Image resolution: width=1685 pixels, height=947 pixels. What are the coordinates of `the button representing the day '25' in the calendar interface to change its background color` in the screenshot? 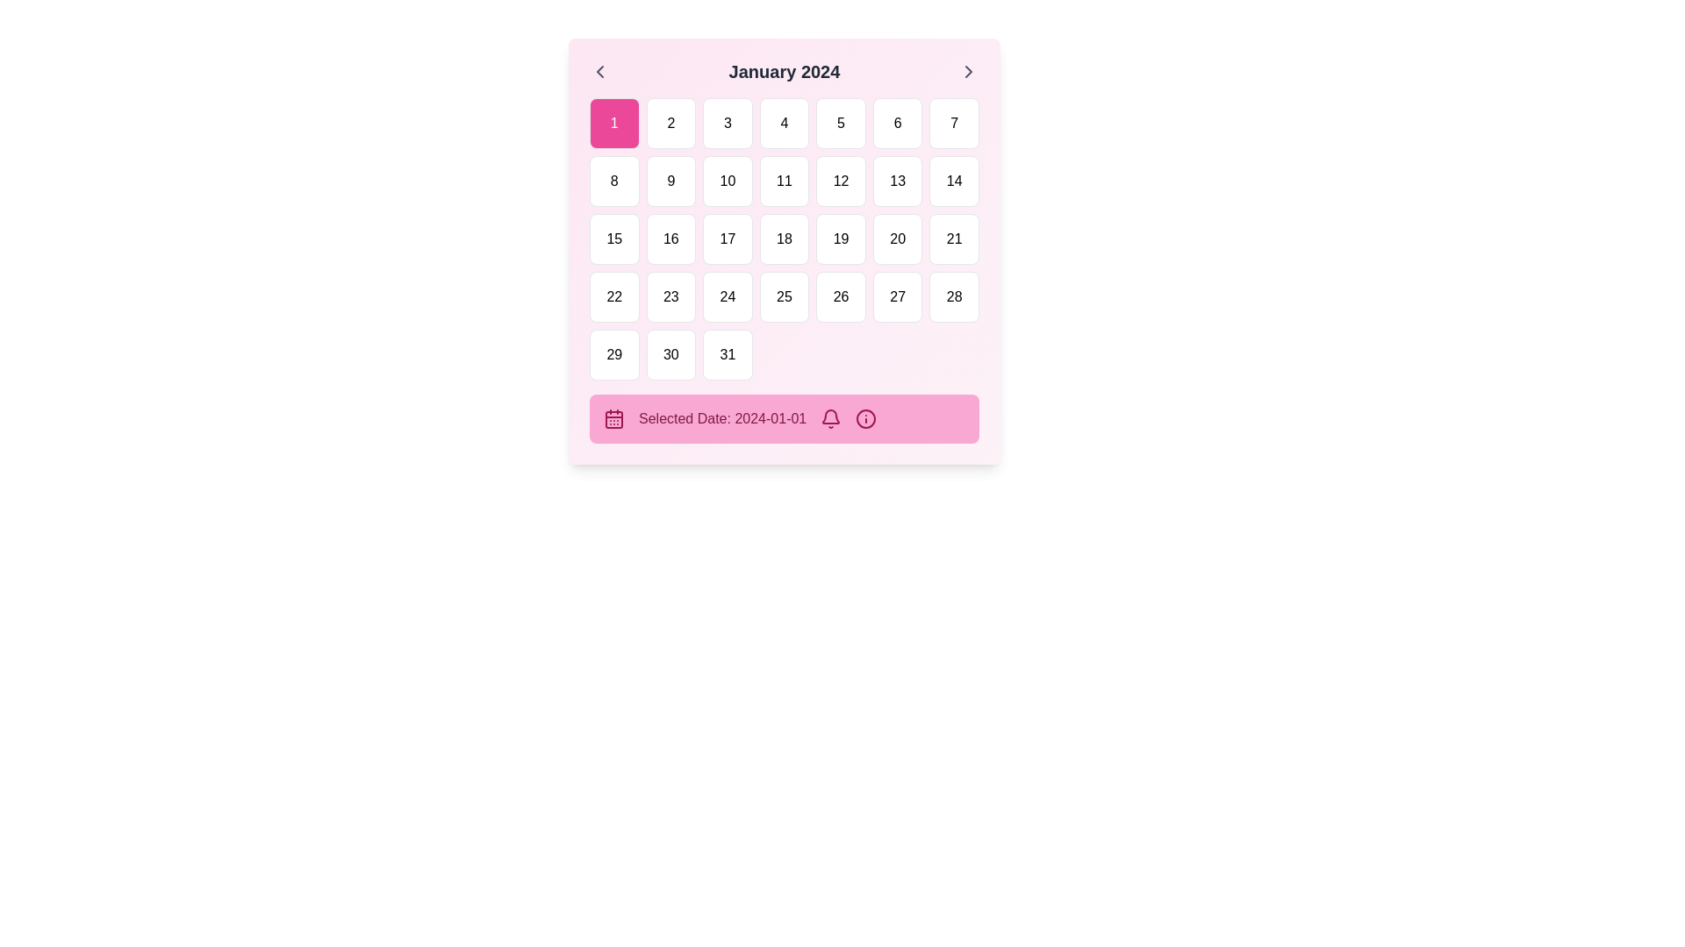 It's located at (783, 296).